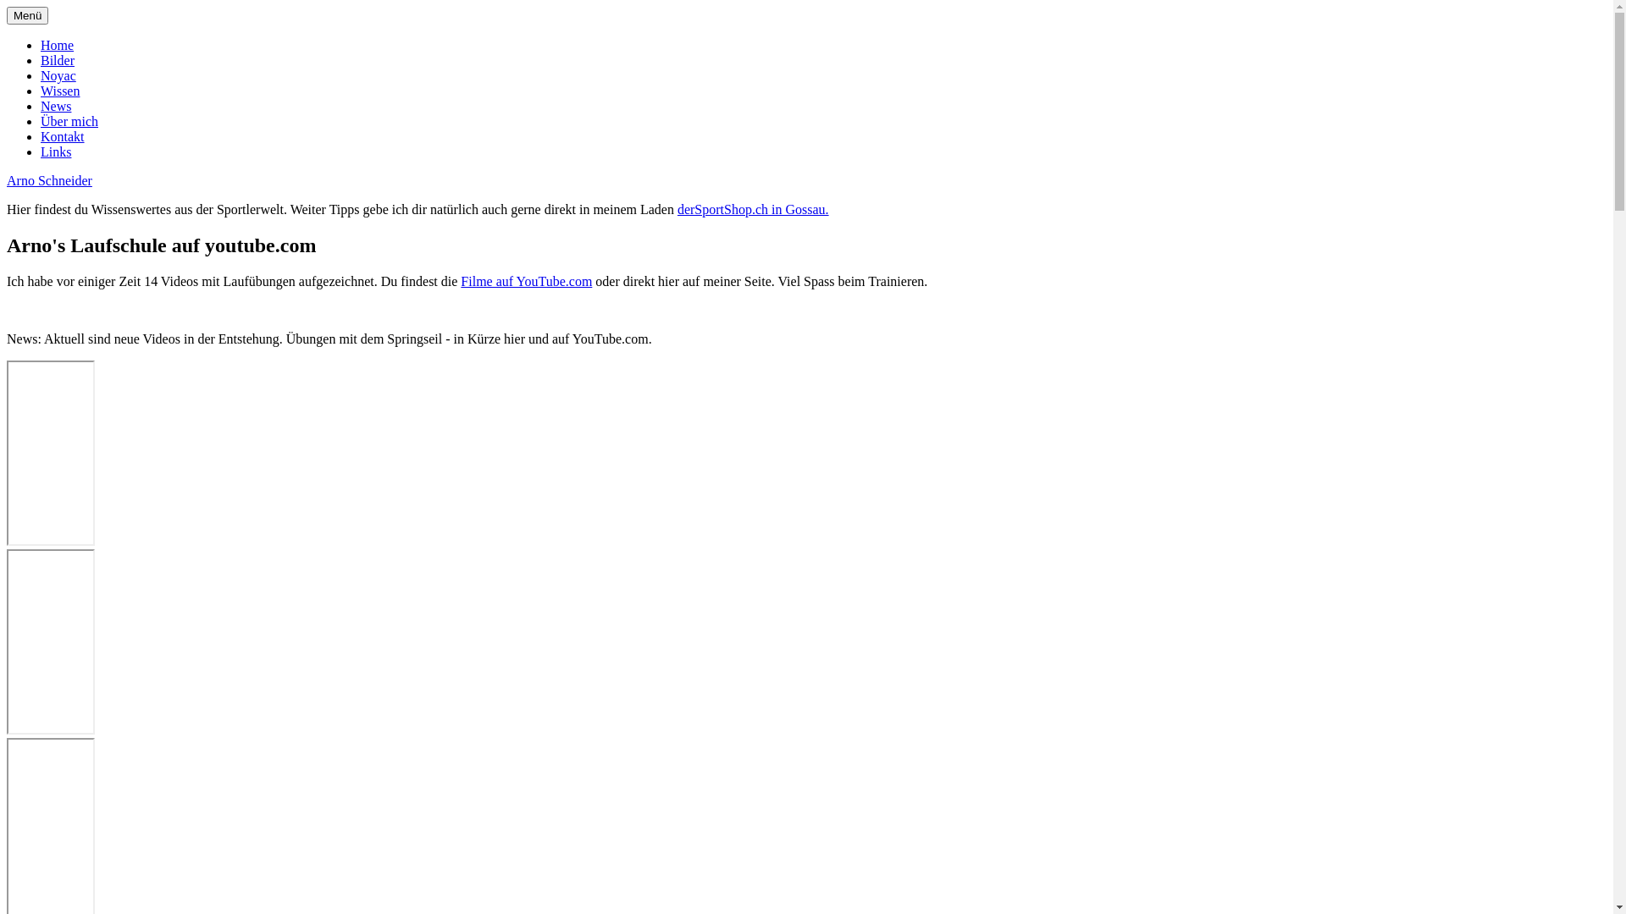 This screenshot has height=914, width=1626. Describe the element at coordinates (525, 280) in the screenshot. I see `'Filme auf YouTube.com'` at that location.